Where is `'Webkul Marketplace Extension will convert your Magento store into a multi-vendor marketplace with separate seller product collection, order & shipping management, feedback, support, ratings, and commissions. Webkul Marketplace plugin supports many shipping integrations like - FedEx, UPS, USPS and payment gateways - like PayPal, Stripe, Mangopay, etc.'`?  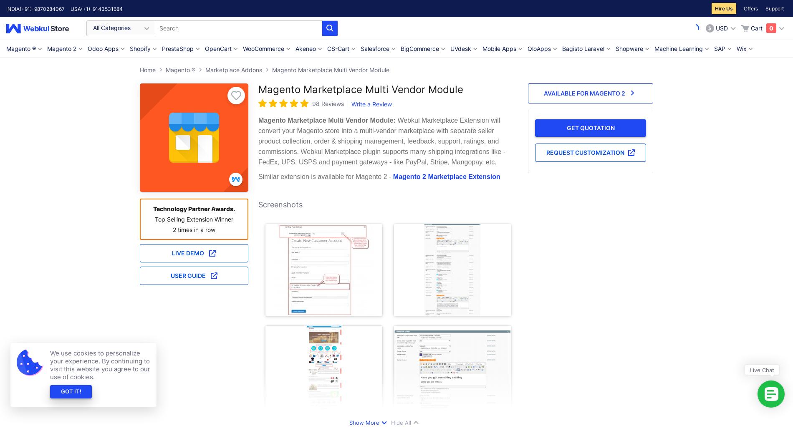 'Webkul Marketplace Extension will convert your Magento store into a multi-vendor marketplace with separate seller product collection, order & shipping management, feedback, support, ratings, and commissions. Webkul Marketplace plugin supports many shipping integrations like - FedEx, UPS, USPS and payment gateways - like PayPal, Stripe, Mangopay, etc.' is located at coordinates (381, 141).